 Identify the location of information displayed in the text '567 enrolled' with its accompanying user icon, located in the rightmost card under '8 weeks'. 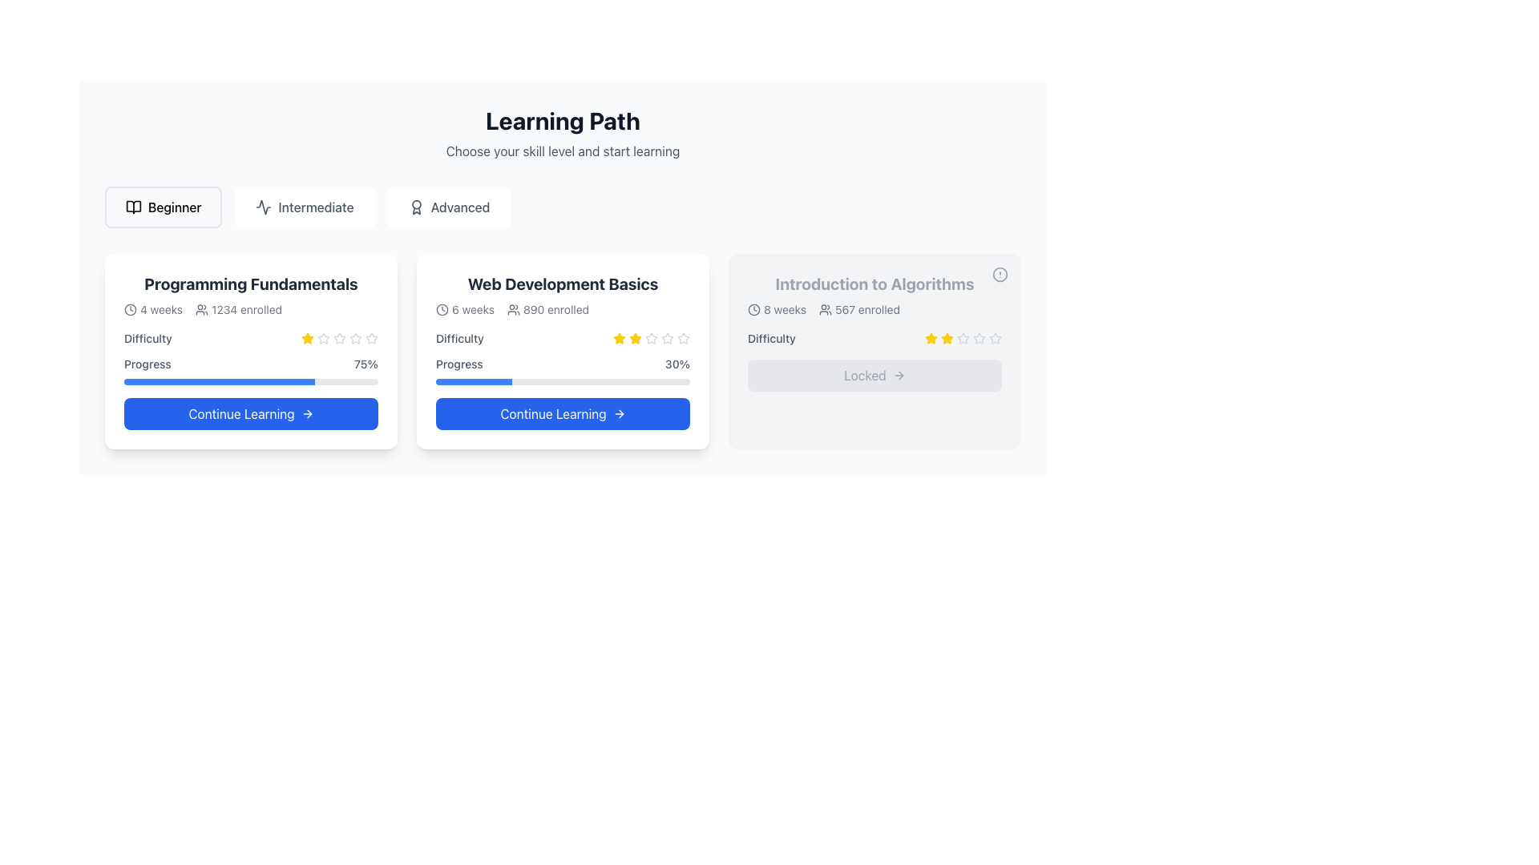
(858, 309).